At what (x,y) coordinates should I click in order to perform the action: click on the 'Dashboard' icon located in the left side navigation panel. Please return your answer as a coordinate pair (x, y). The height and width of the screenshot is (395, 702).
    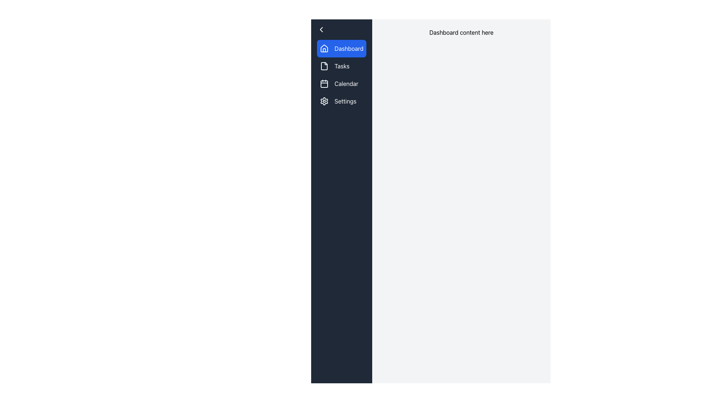
    Looking at the image, I should click on (324, 48).